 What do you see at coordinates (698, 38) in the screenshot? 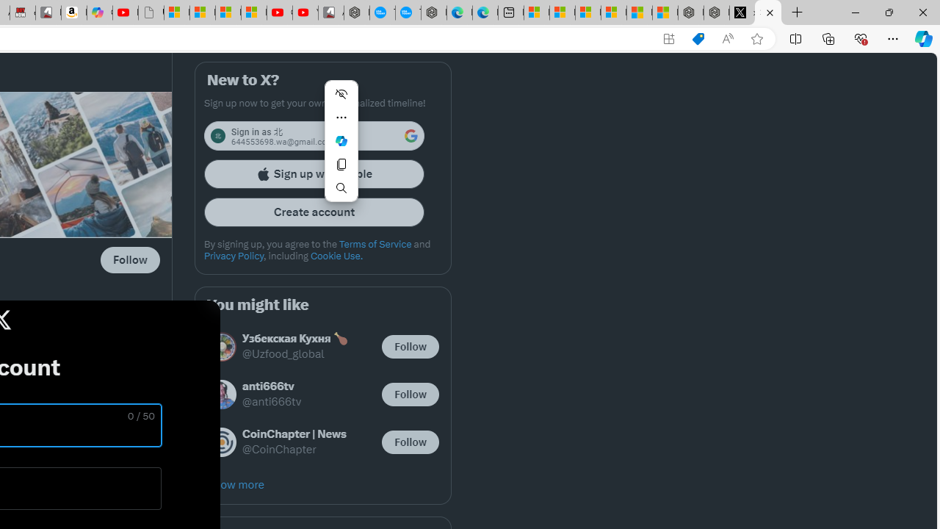
I see `'Shopping in Microsoft Edge'` at bounding box center [698, 38].